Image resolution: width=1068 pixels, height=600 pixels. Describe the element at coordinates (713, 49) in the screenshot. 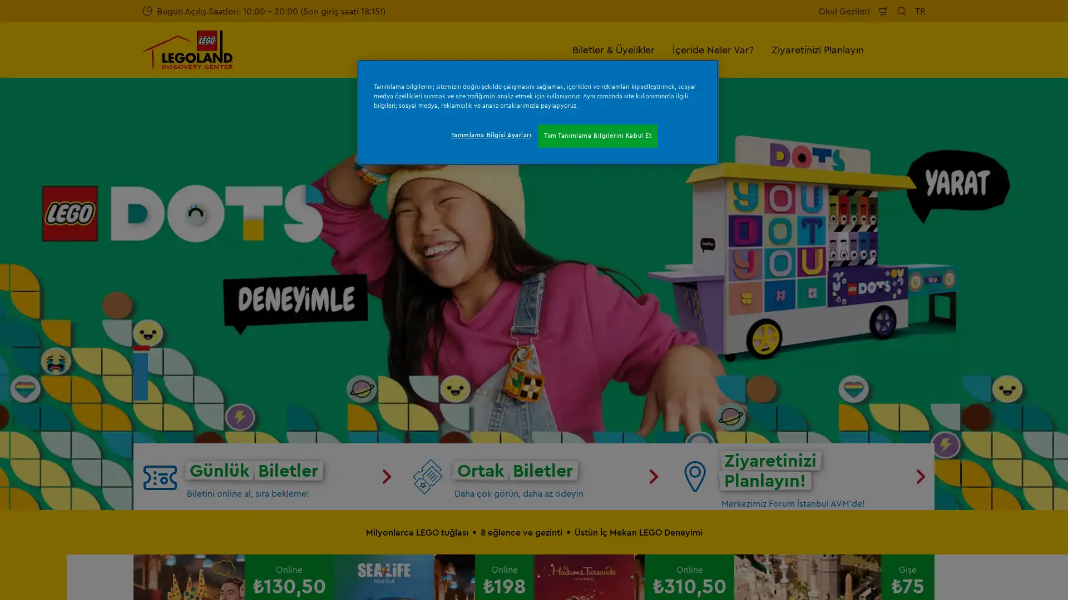

I see `Iceride Neler Var?` at that location.